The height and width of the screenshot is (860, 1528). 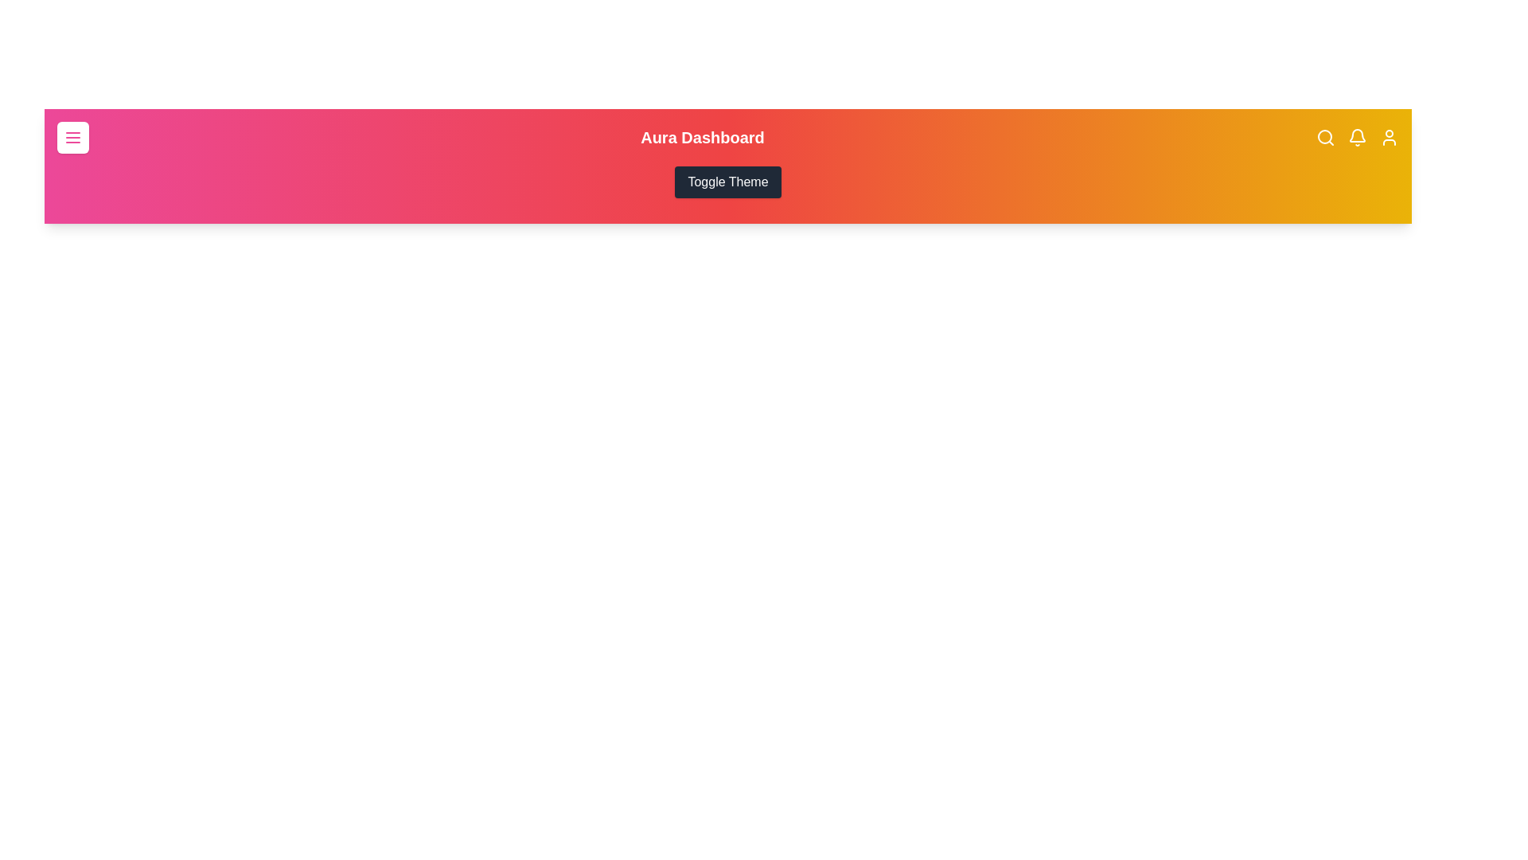 What do you see at coordinates (1356, 137) in the screenshot?
I see `the notification bell icon` at bounding box center [1356, 137].